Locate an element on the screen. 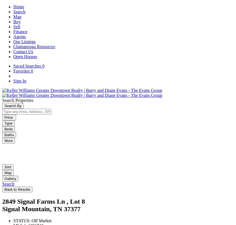 This screenshot has width=236, height=225. 'Save This Search' is located at coordinates (19, 146).